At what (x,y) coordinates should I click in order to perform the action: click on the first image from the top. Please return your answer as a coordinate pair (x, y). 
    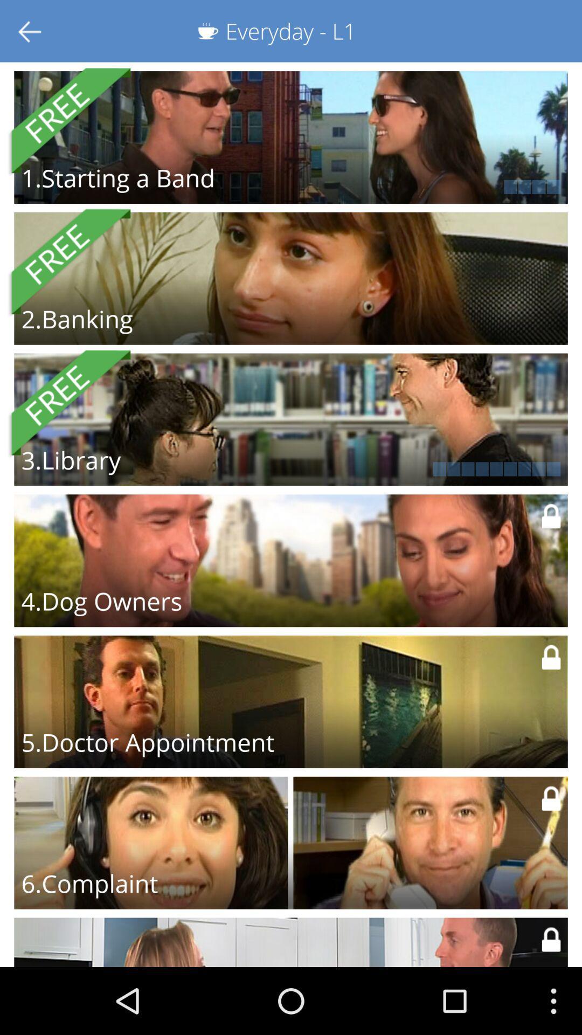
    Looking at the image, I should click on (291, 136).